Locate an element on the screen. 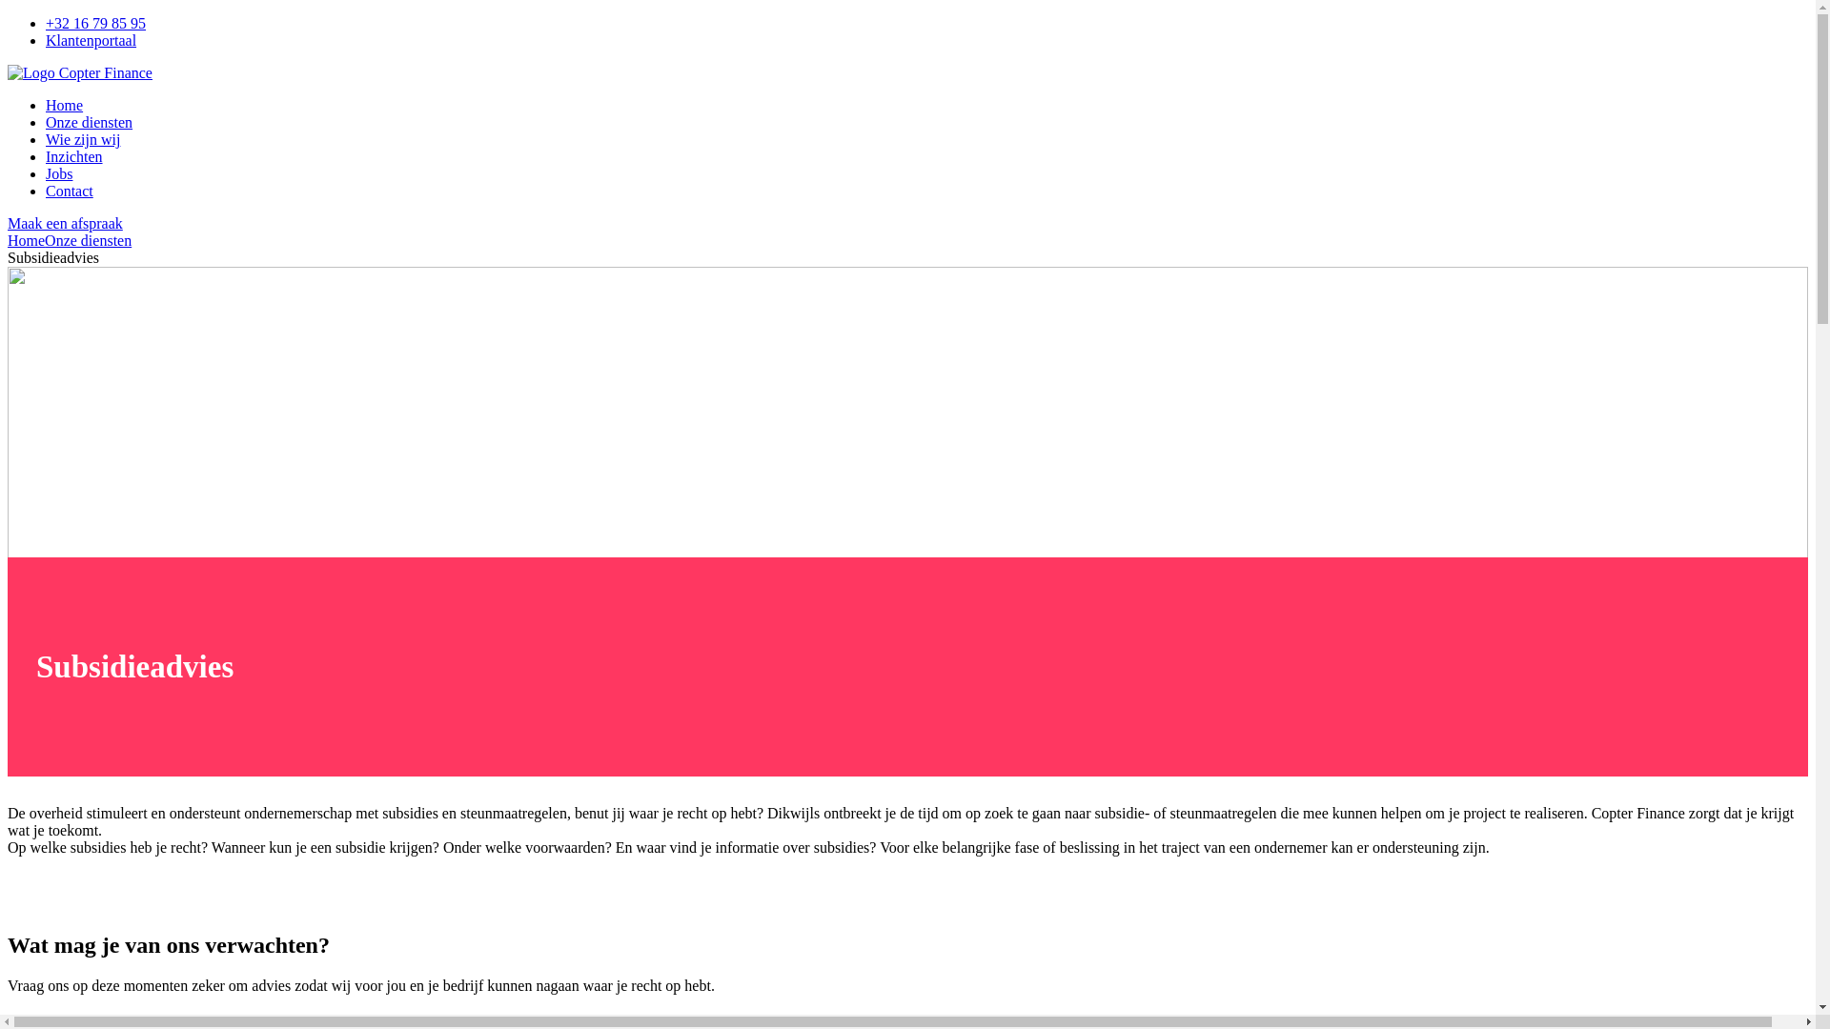 The image size is (1830, 1029). 'Contact' is located at coordinates (46, 191).